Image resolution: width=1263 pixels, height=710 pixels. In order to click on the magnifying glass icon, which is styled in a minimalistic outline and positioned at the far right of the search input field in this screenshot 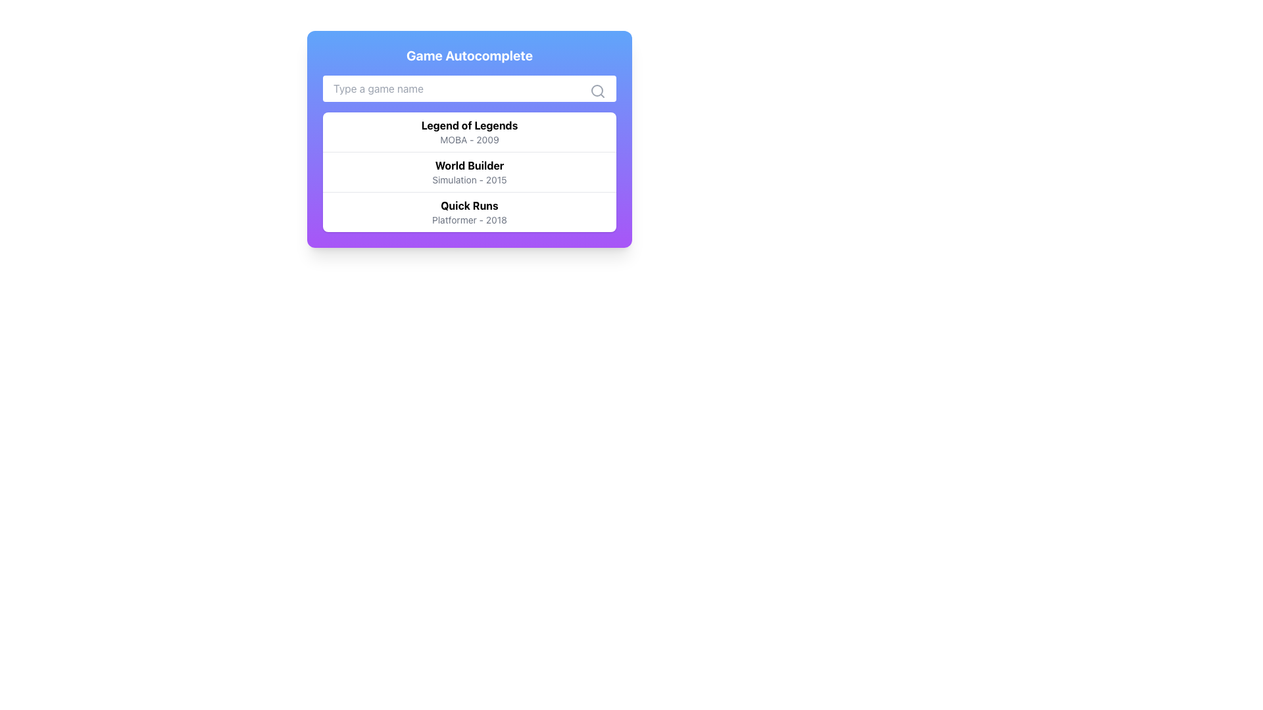, I will do `click(597, 90)`.